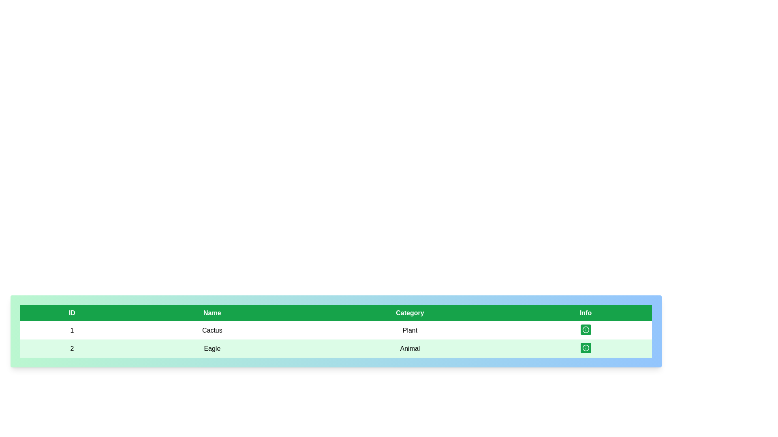 The width and height of the screenshot is (778, 437). What do you see at coordinates (586, 329) in the screenshot?
I see `the SVG circle element representing the 'Info' icon located in the second row under the 'Info' column` at bounding box center [586, 329].